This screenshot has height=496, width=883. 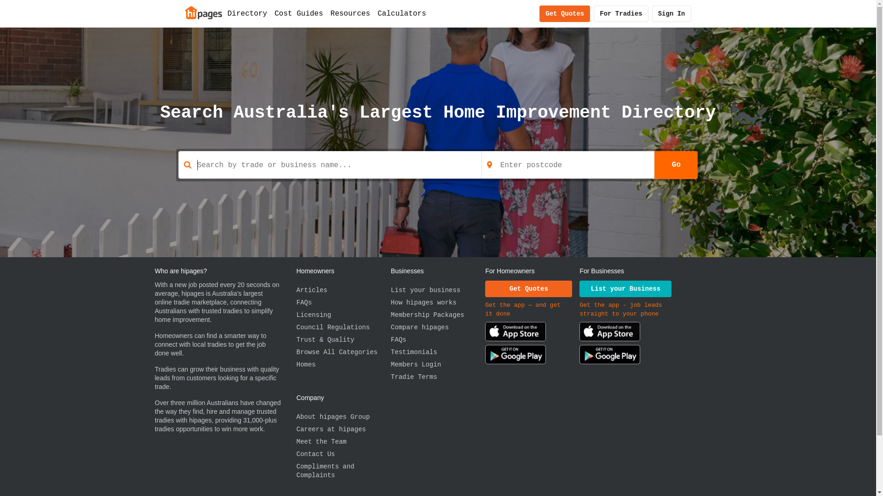 What do you see at coordinates (343, 364) in the screenshot?
I see `'Homes'` at bounding box center [343, 364].